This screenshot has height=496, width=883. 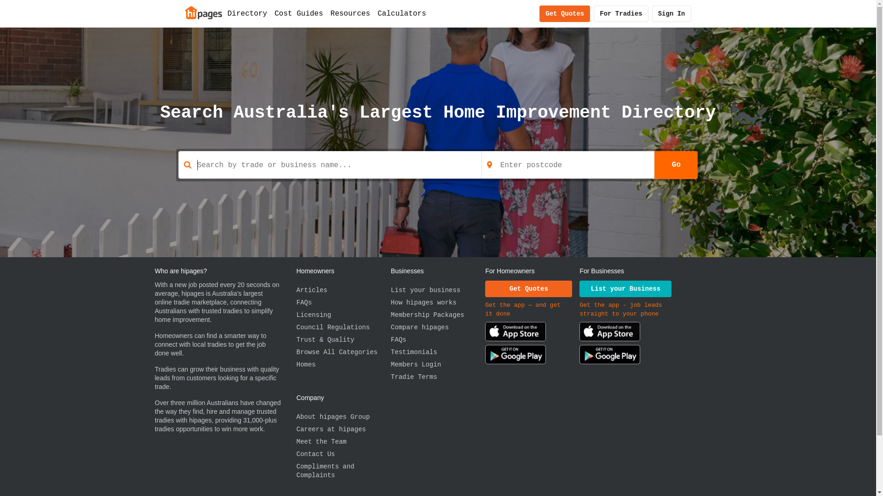 What do you see at coordinates (343, 364) in the screenshot?
I see `'Homes'` at bounding box center [343, 364].